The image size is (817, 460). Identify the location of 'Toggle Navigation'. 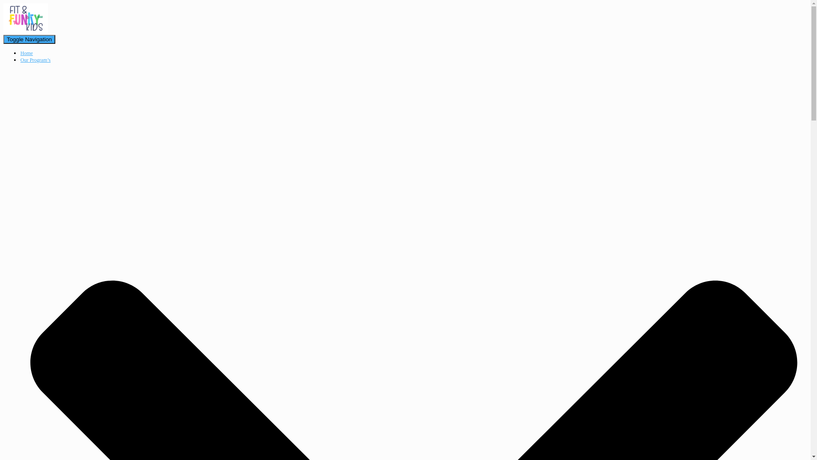
(29, 39).